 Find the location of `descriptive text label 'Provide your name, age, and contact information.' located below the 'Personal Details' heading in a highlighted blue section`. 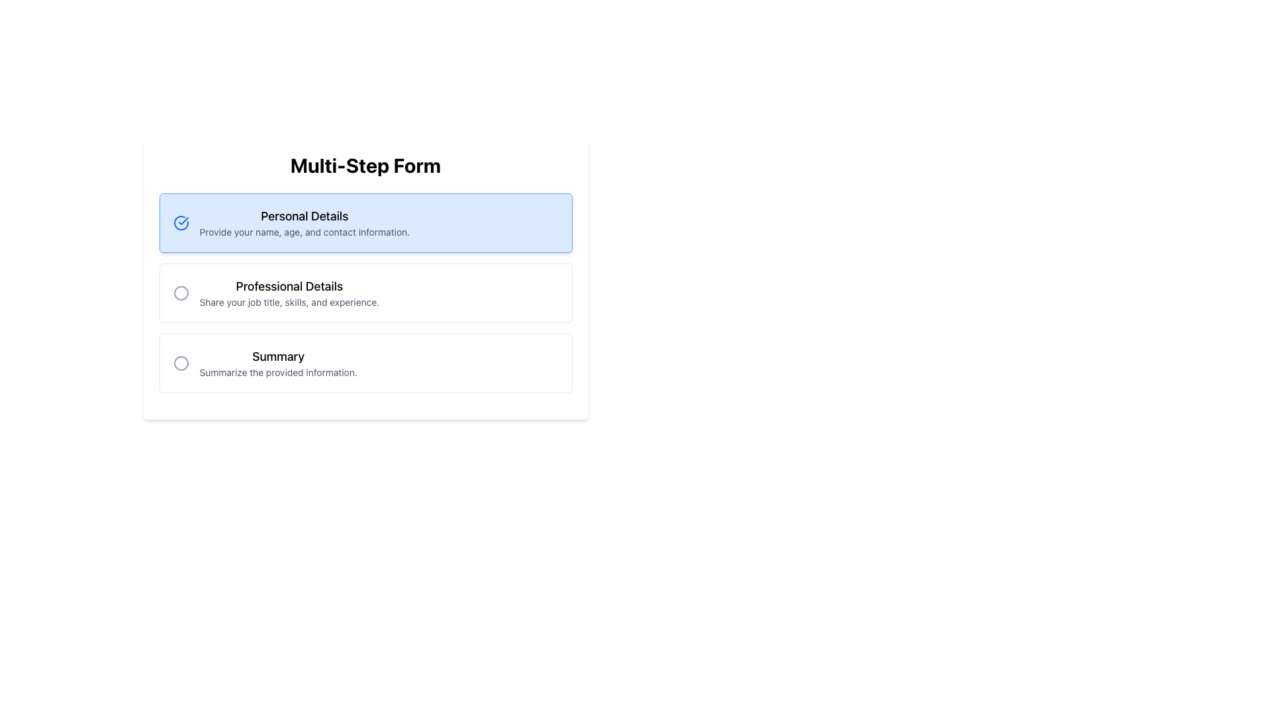

descriptive text label 'Provide your name, age, and contact information.' located below the 'Personal Details' heading in a highlighted blue section is located at coordinates (304, 232).